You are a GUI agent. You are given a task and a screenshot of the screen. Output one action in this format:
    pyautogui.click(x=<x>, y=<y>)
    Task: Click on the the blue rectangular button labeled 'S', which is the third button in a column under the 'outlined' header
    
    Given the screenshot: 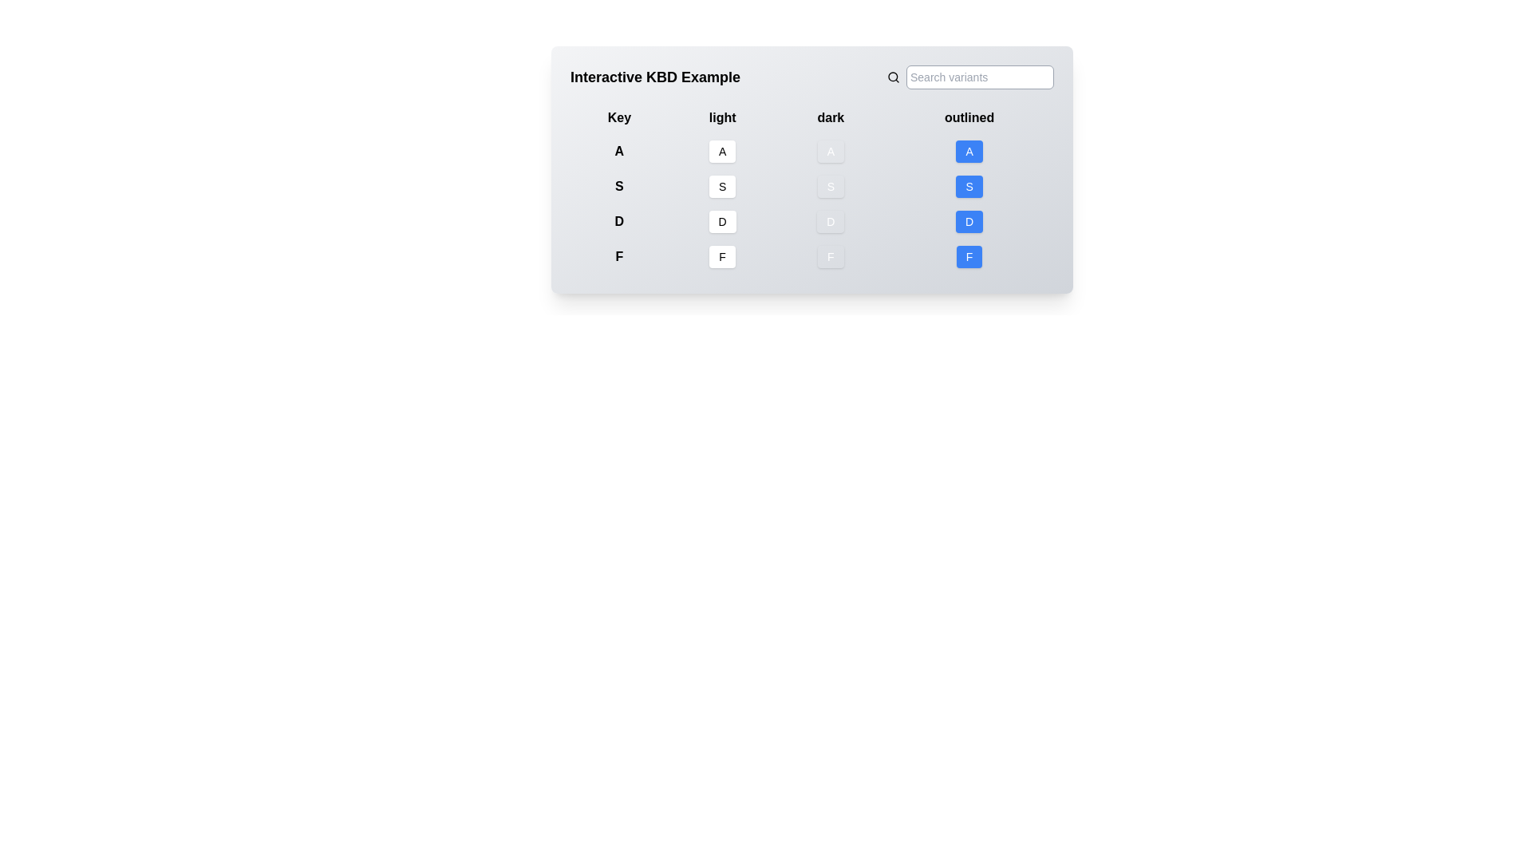 What is the action you would take?
    pyautogui.click(x=969, y=186)
    